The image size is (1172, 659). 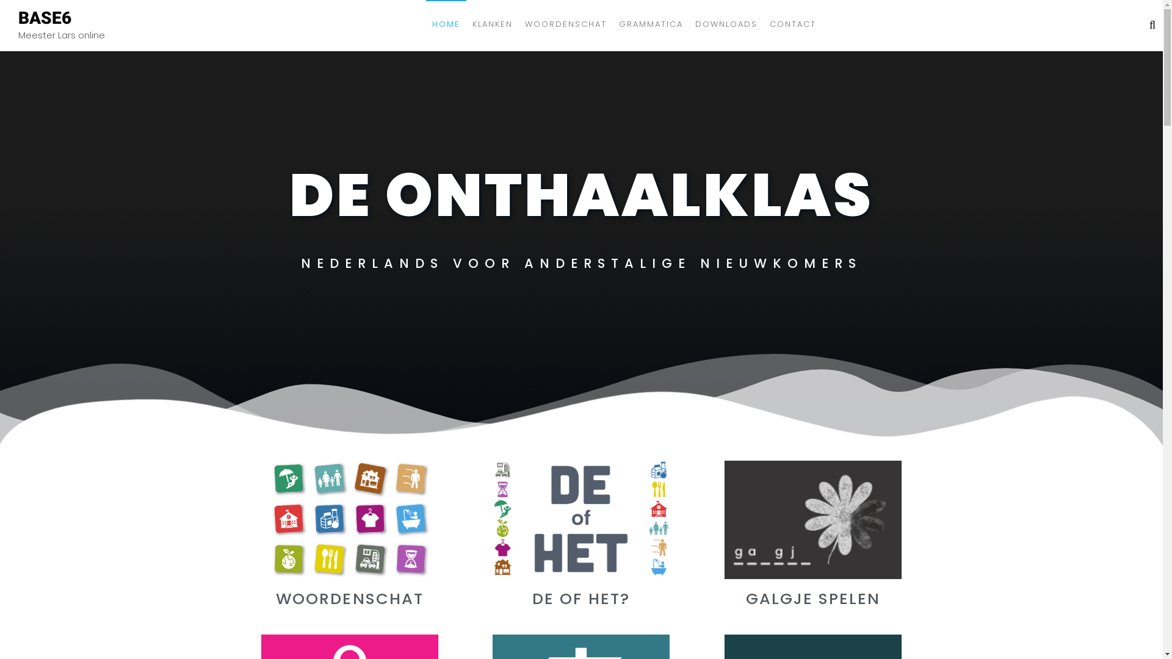 What do you see at coordinates (45, 17) in the screenshot?
I see `'BASE6'` at bounding box center [45, 17].